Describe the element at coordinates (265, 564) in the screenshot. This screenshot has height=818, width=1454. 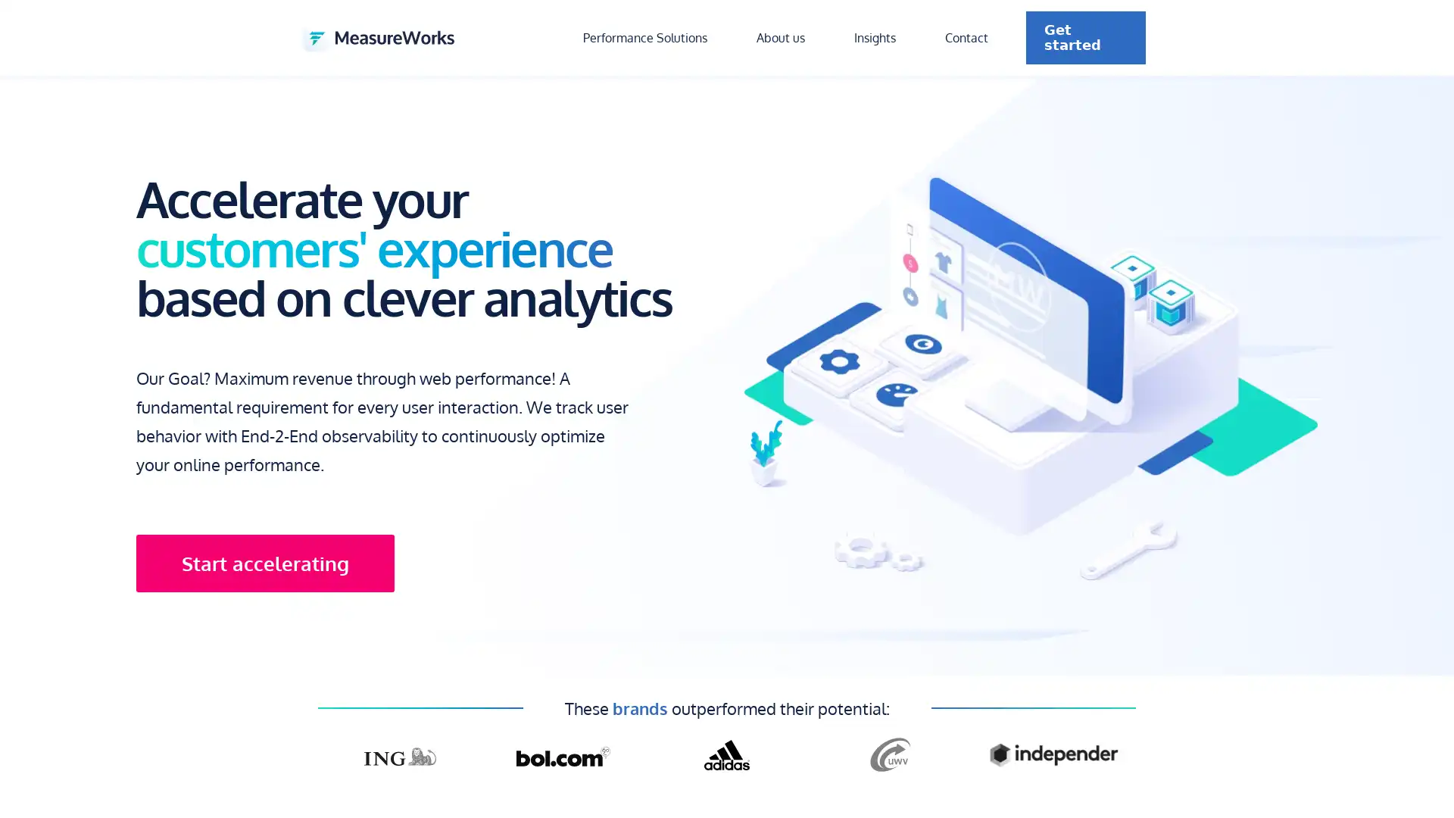
I see `Start accelerating` at that location.